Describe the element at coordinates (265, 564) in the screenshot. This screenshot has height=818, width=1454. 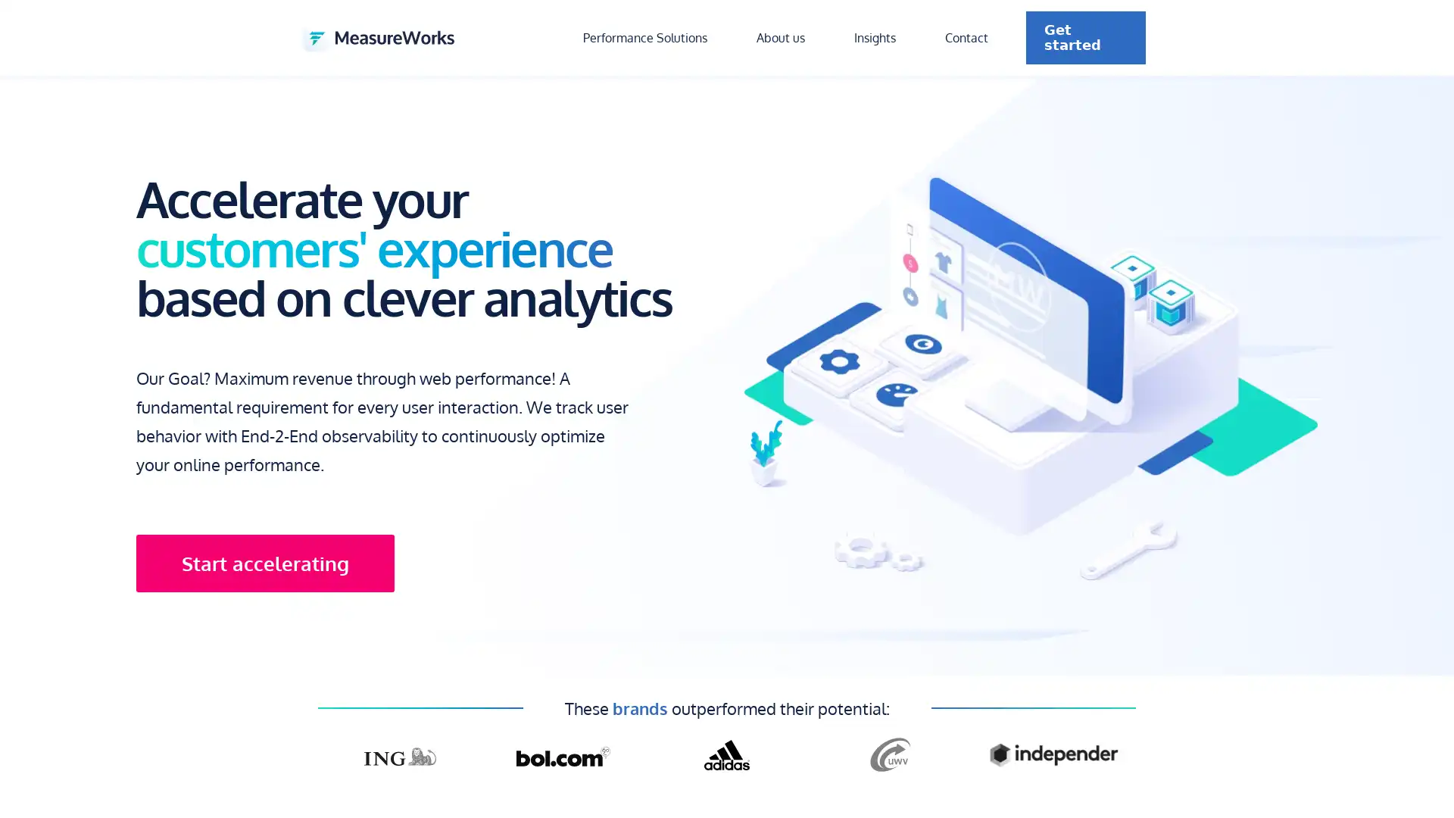
I see `Start accelerating` at that location.